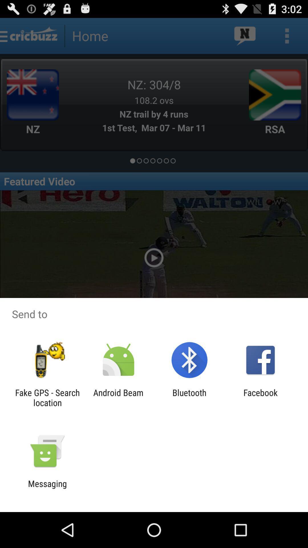 This screenshot has height=548, width=308. Describe the element at coordinates (260, 397) in the screenshot. I see `the item to the right of the bluetooth` at that location.